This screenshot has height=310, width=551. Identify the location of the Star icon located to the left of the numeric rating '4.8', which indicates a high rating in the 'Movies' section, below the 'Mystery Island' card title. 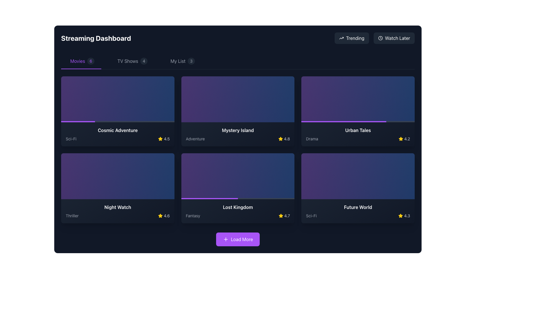
(280, 139).